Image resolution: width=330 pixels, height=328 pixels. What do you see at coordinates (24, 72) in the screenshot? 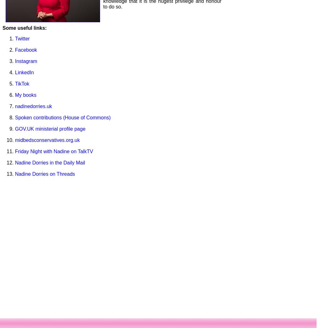
I see `'LinkedIn'` at bounding box center [24, 72].